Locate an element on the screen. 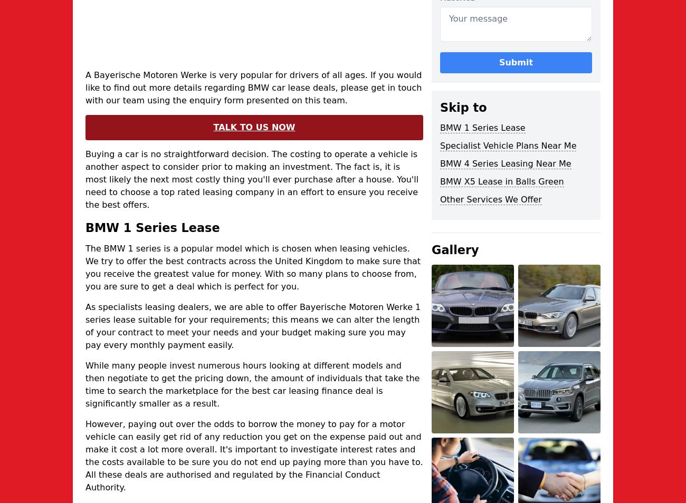 The image size is (686, 503). 'Gallery' is located at coordinates (431, 250).